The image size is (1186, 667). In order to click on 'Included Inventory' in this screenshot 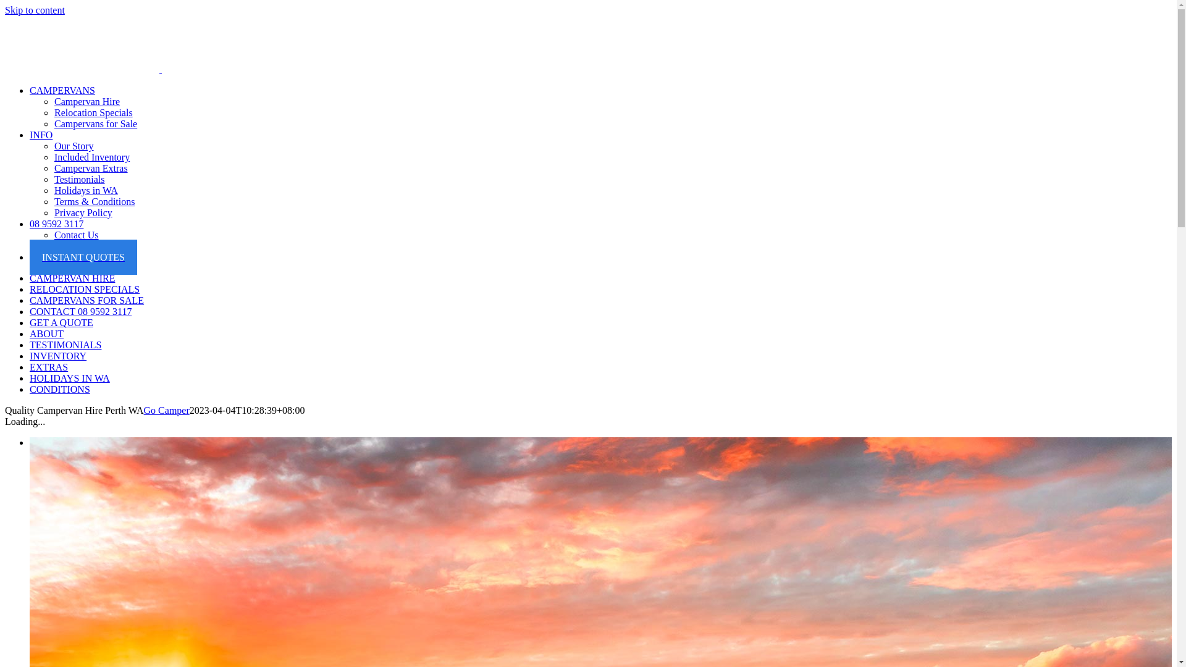, I will do `click(53, 156)`.